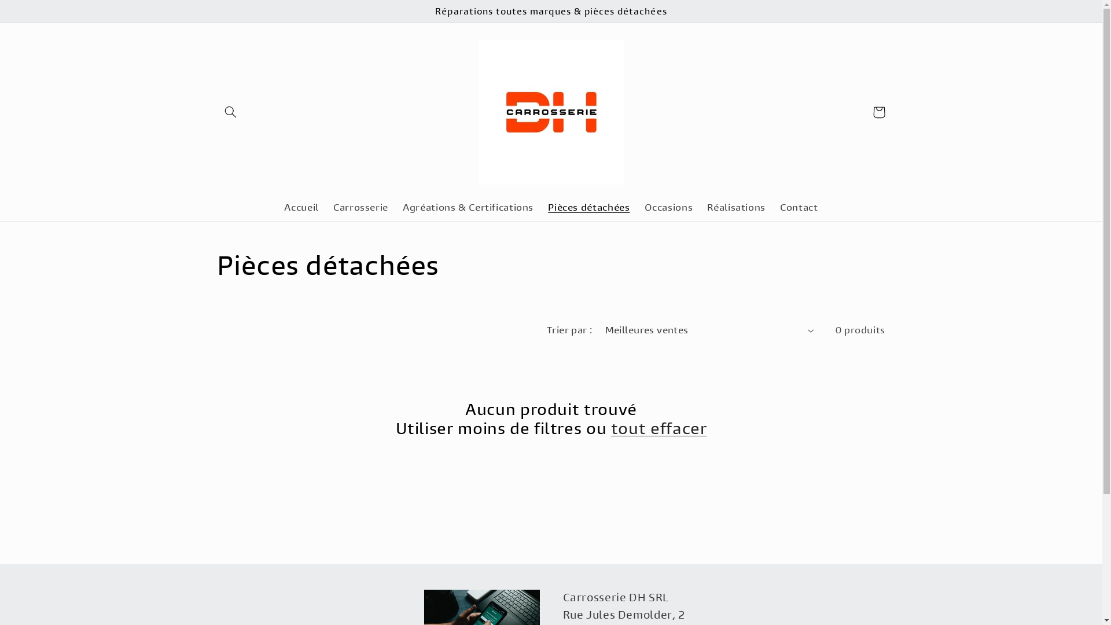 The width and height of the screenshot is (1111, 625). Describe the element at coordinates (658, 429) in the screenshot. I see `'tout effacer'` at that location.